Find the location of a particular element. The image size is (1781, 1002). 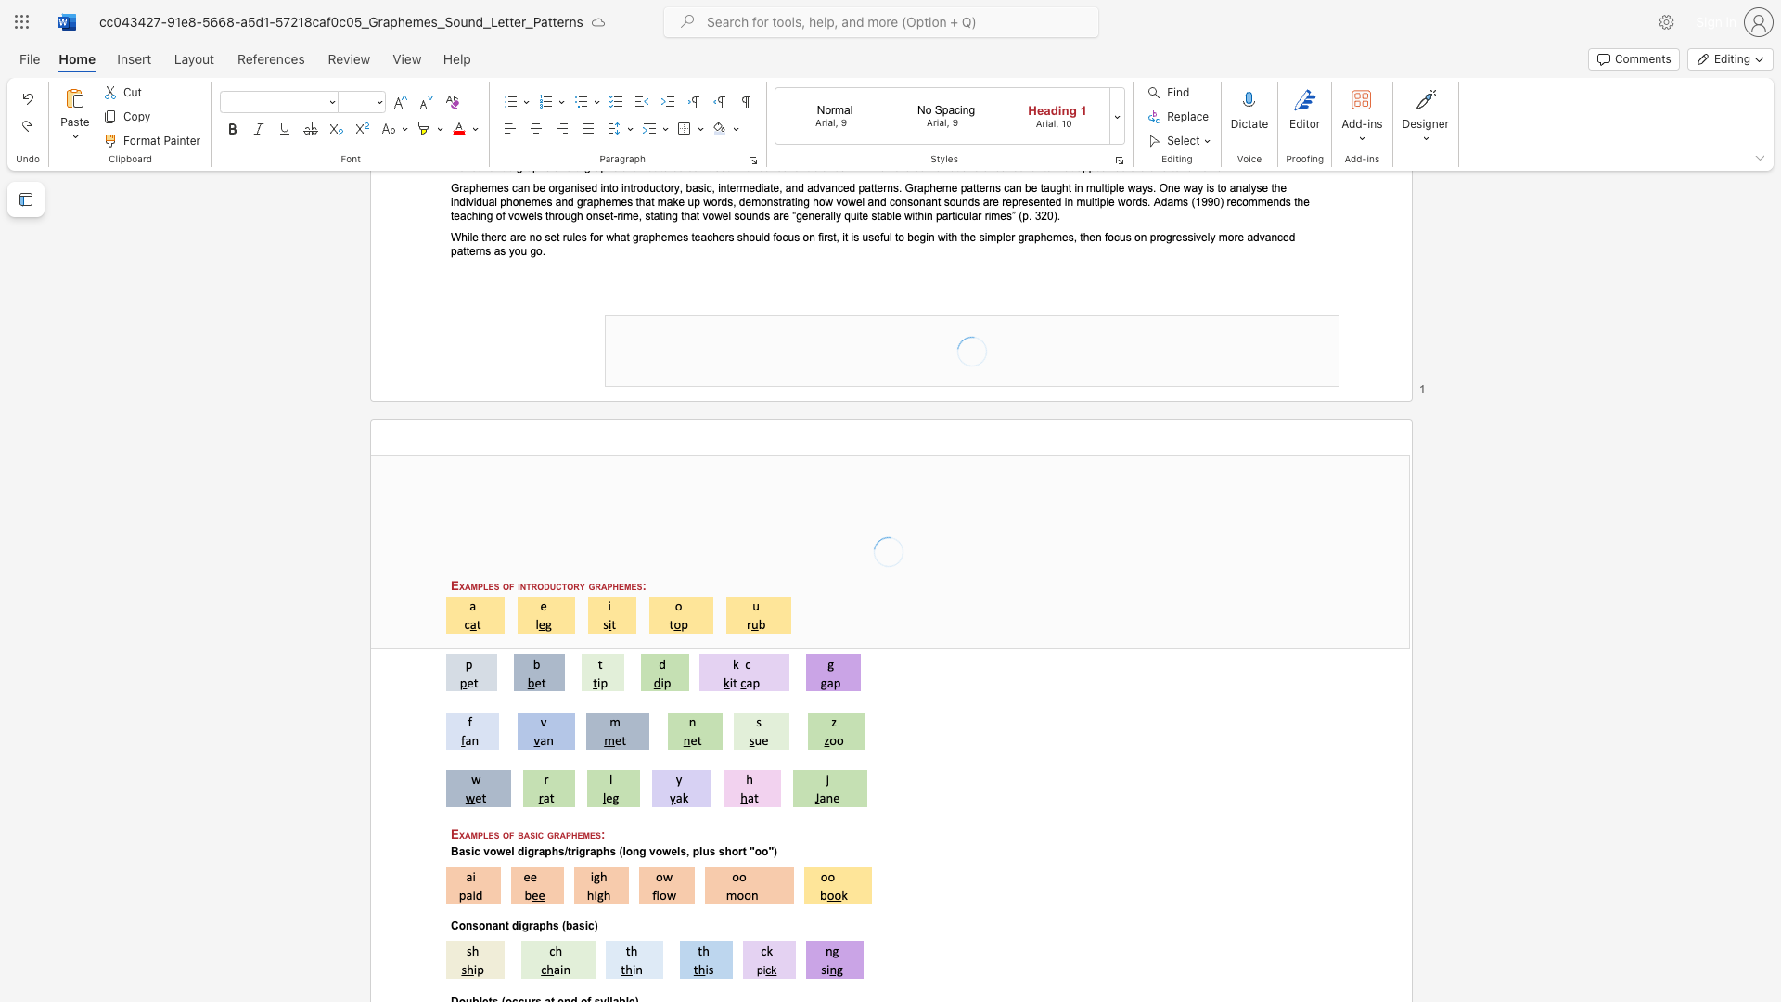

the space between the continuous character "o" and "d" in the text is located at coordinates (543, 585).